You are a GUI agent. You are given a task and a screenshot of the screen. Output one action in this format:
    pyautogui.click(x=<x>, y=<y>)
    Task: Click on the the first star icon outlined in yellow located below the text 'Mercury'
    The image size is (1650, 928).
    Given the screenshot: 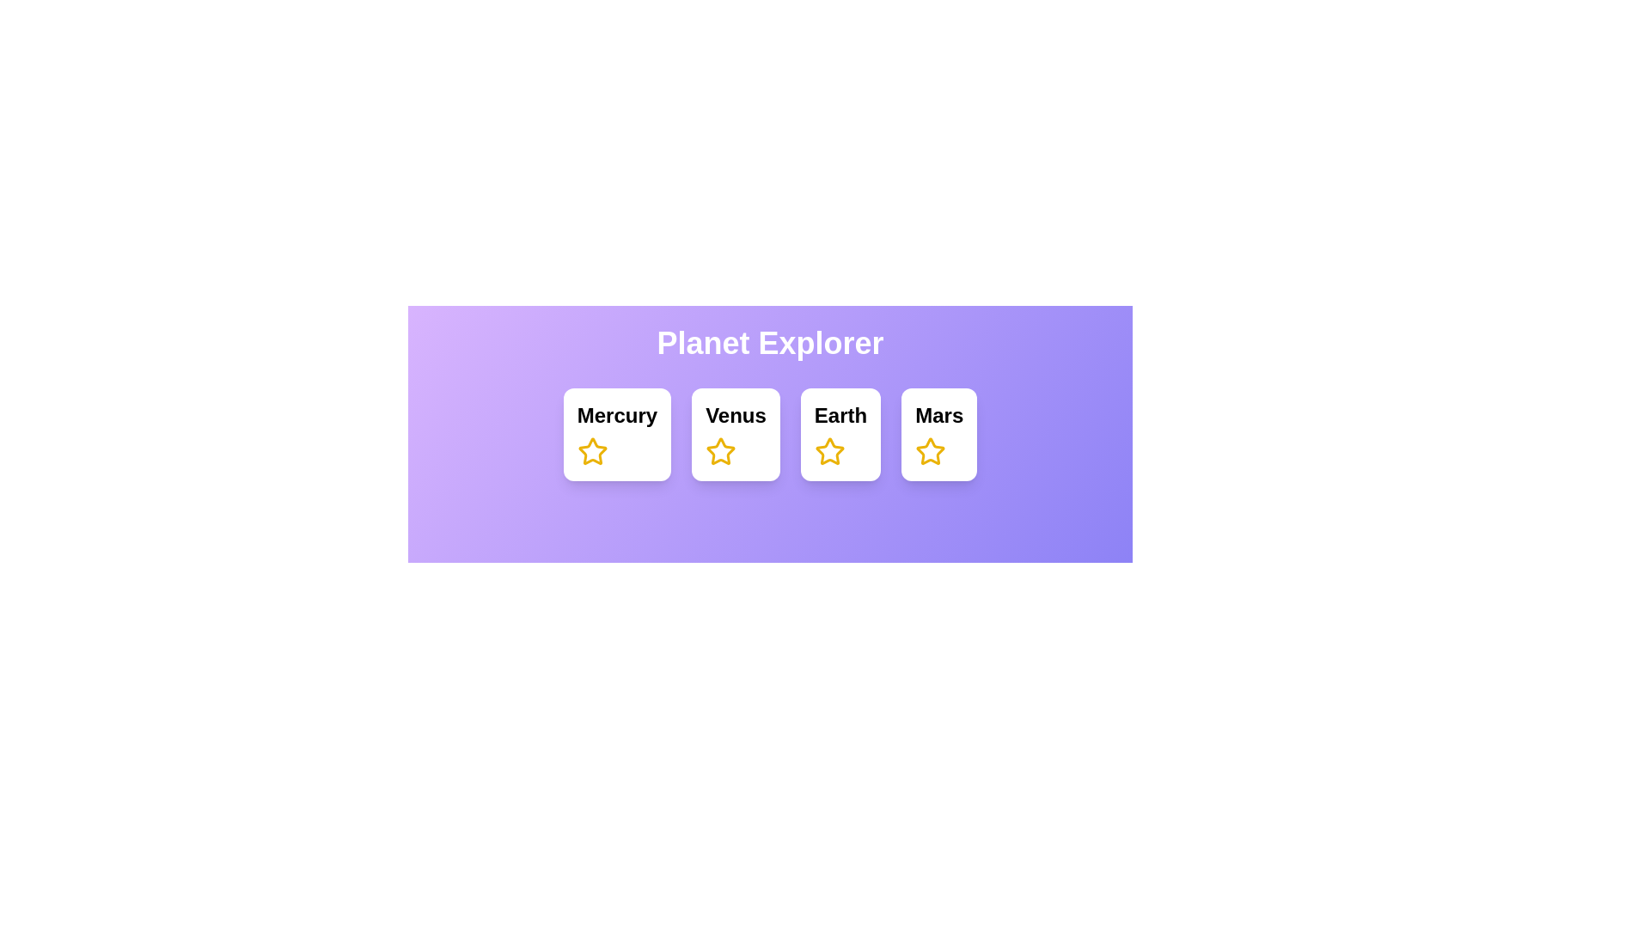 What is the action you would take?
    pyautogui.click(x=592, y=450)
    